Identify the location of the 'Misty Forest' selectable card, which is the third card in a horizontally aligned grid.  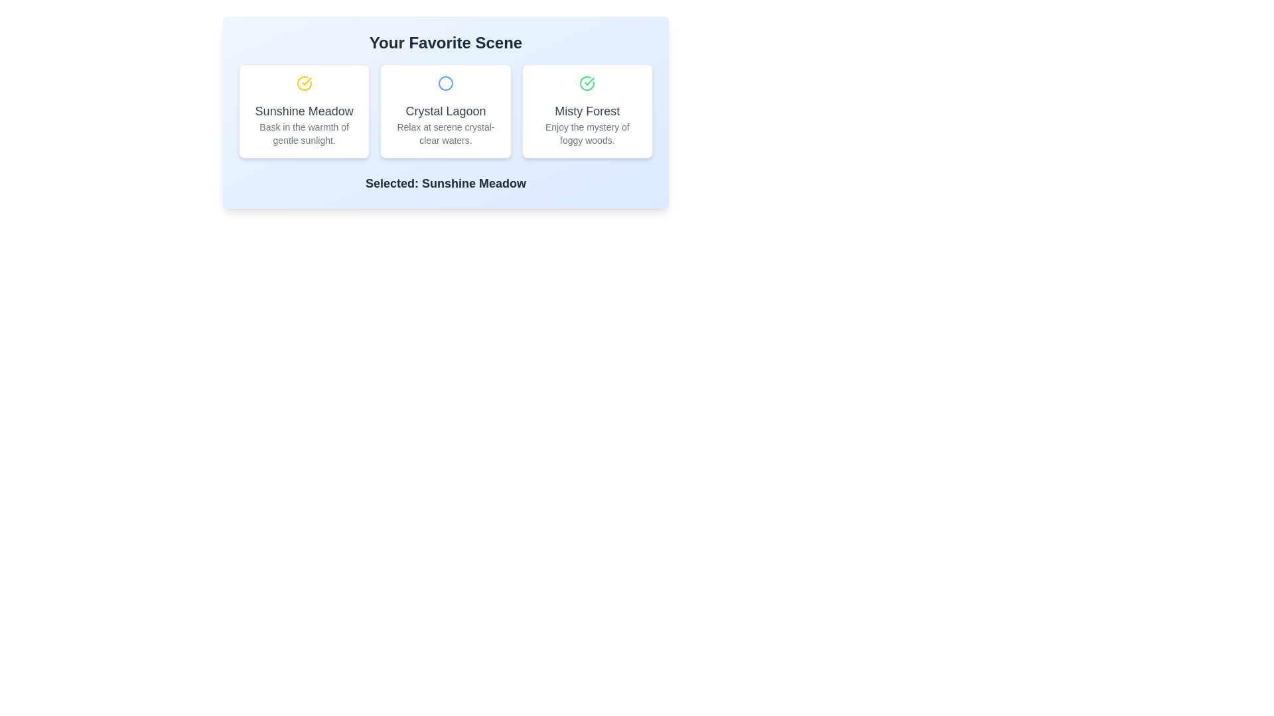
(587, 111).